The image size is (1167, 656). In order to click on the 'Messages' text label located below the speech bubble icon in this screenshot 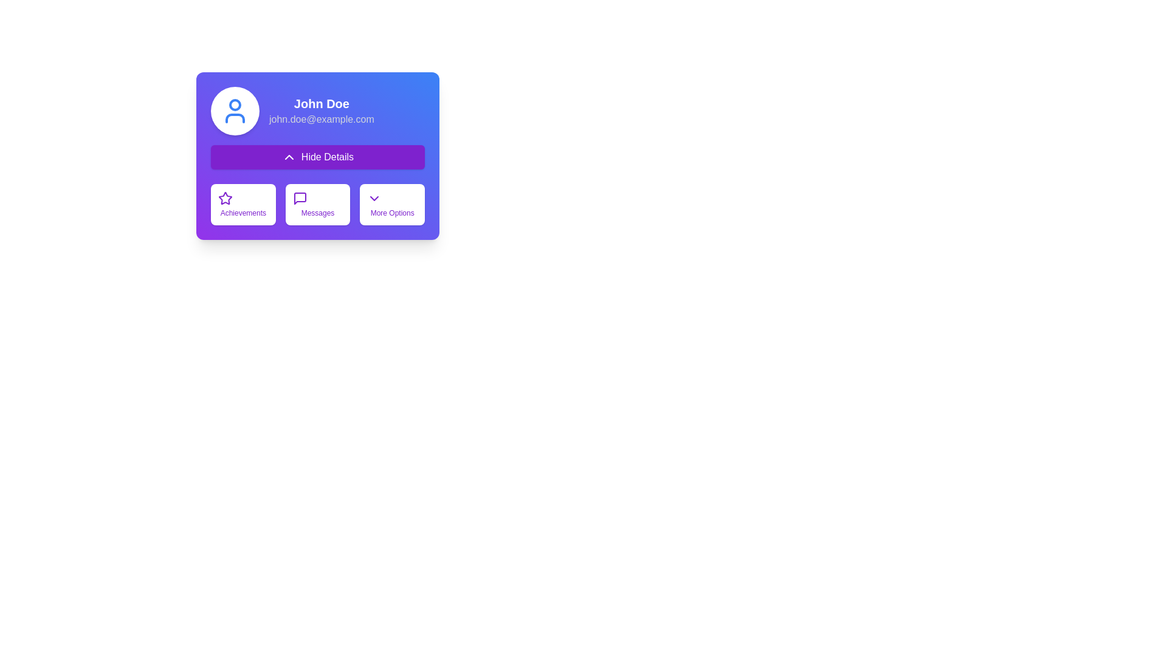, I will do `click(318, 213)`.